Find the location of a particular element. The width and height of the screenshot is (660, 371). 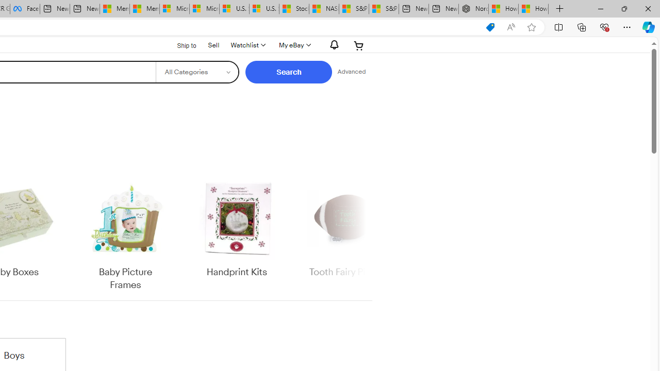

'Close' is located at coordinates (647, 8).